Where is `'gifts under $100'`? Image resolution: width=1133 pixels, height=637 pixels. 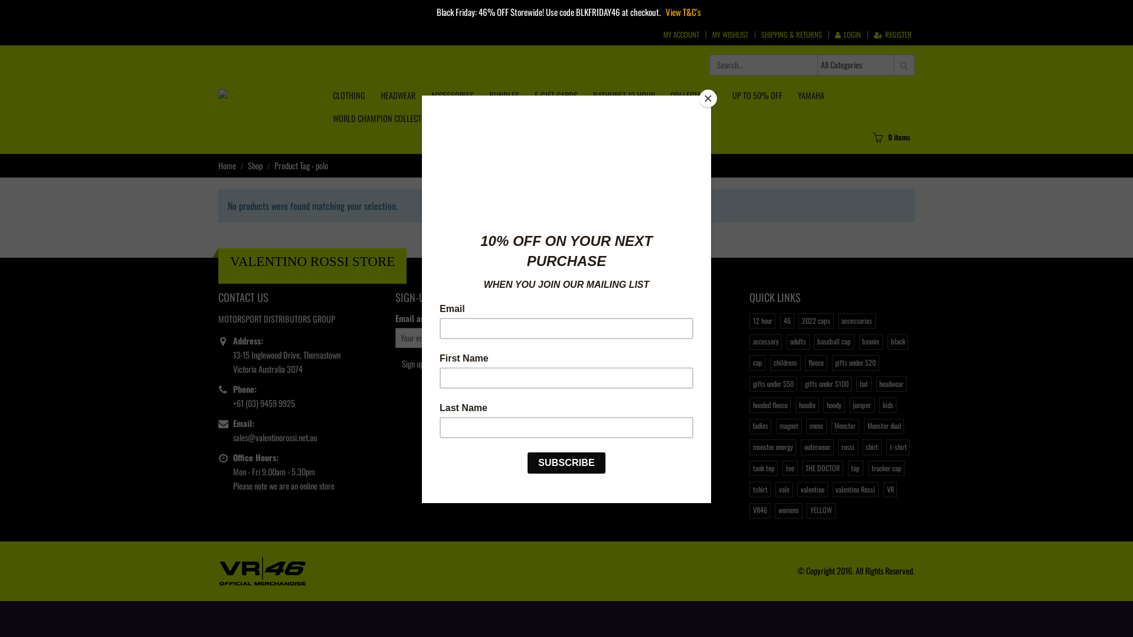 'gifts under $100' is located at coordinates (826, 384).